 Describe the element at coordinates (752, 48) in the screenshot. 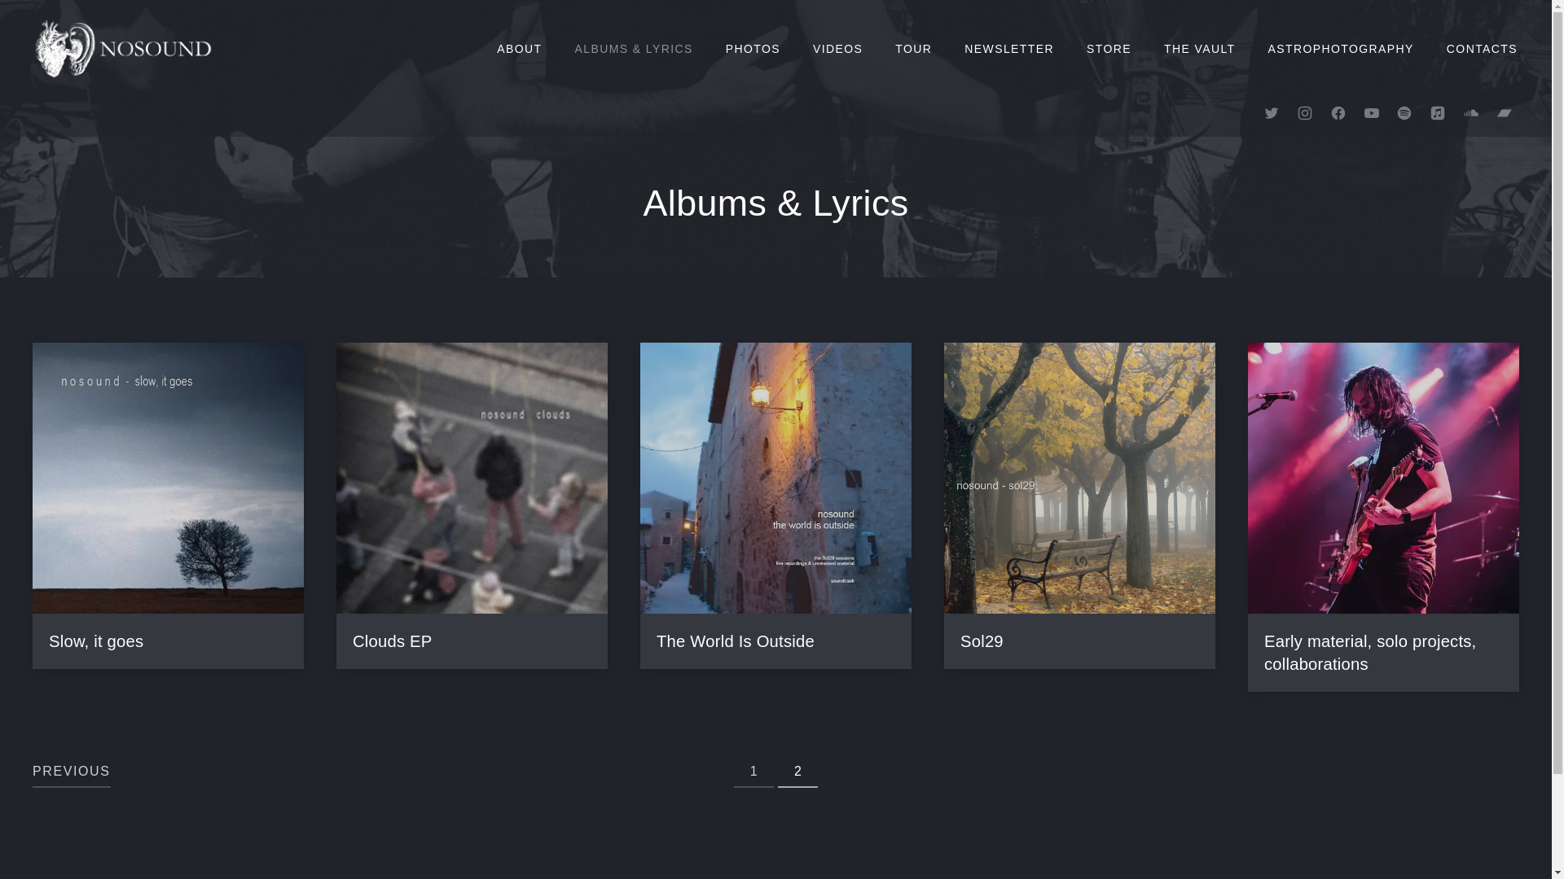

I see `'PHOTOS'` at that location.